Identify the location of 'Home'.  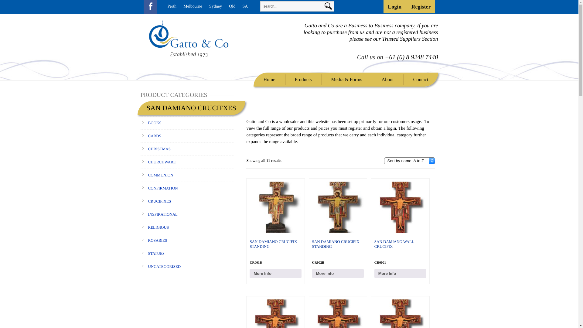
(258, 79).